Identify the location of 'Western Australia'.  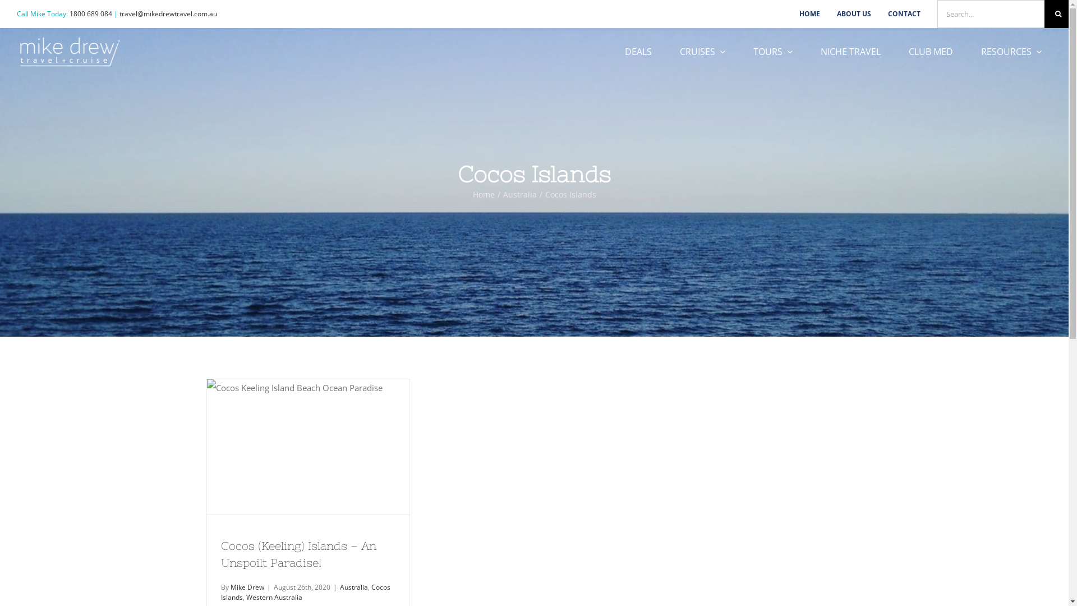
(274, 596).